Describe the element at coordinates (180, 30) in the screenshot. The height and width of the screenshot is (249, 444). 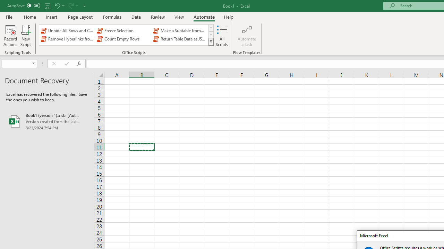
I see `'Make a Subtable from a Selection'` at that location.